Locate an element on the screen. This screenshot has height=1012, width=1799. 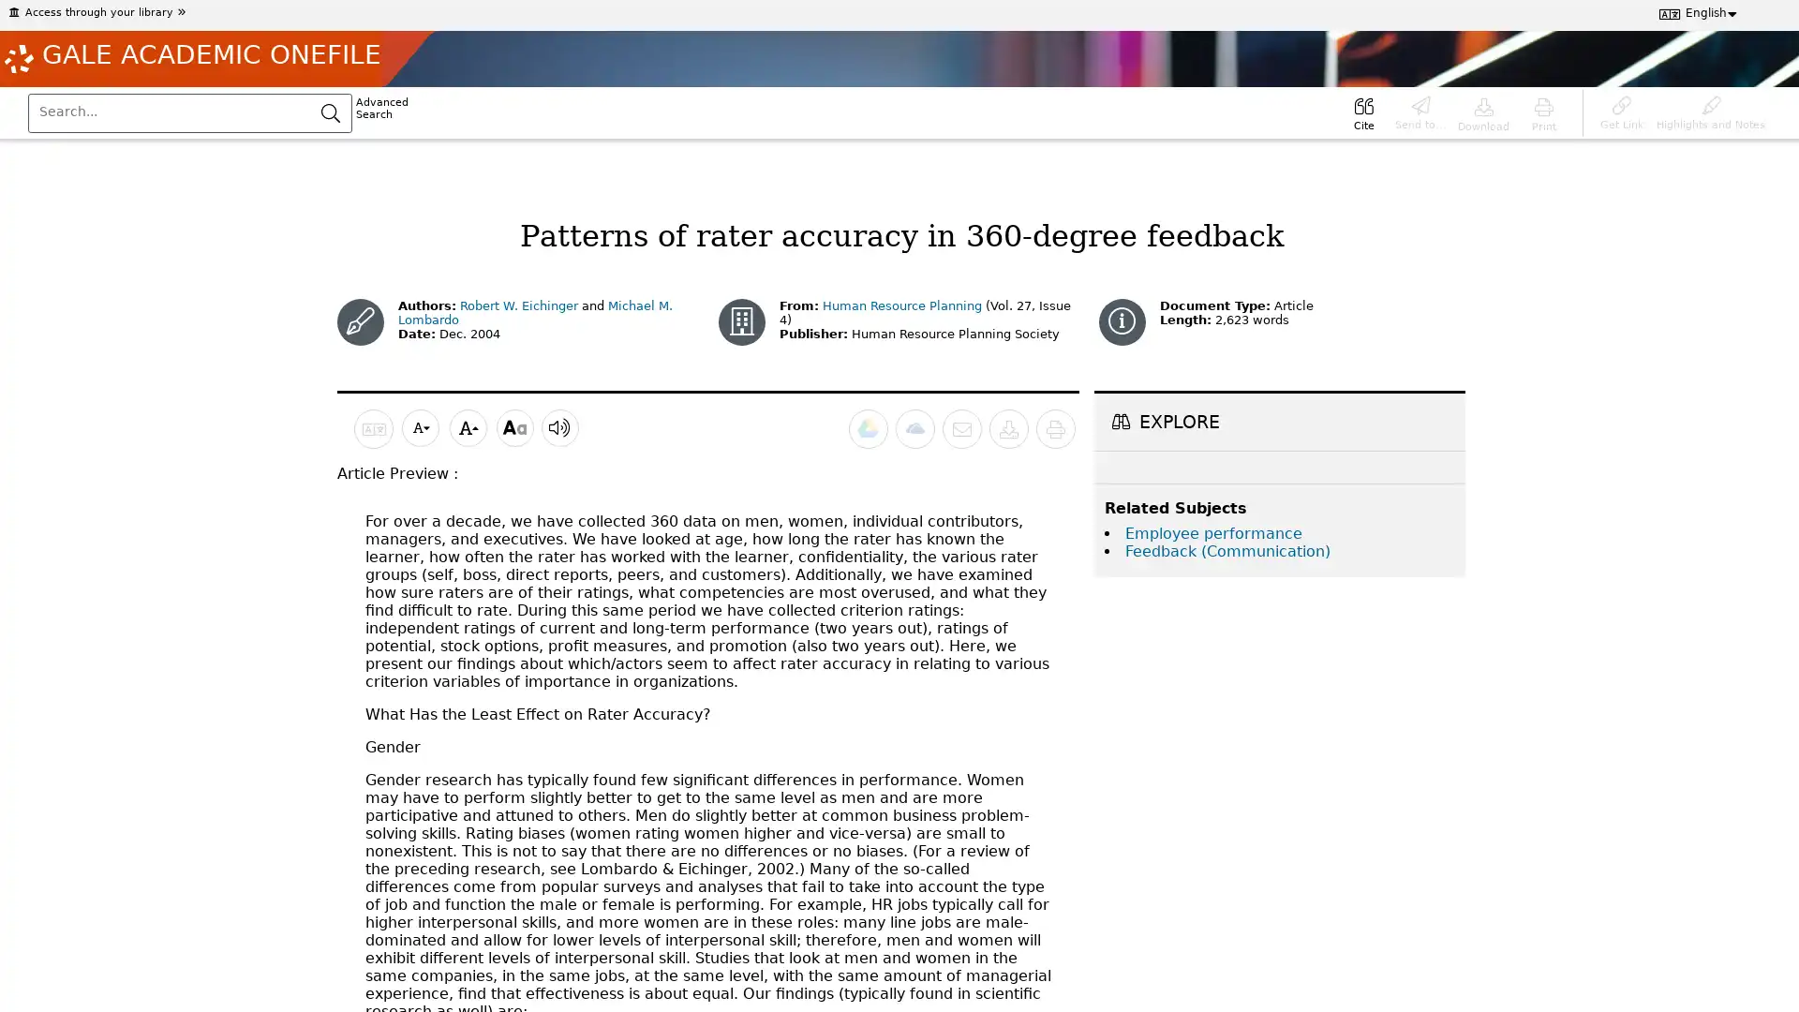
Submit is located at coordinates (331, 112).